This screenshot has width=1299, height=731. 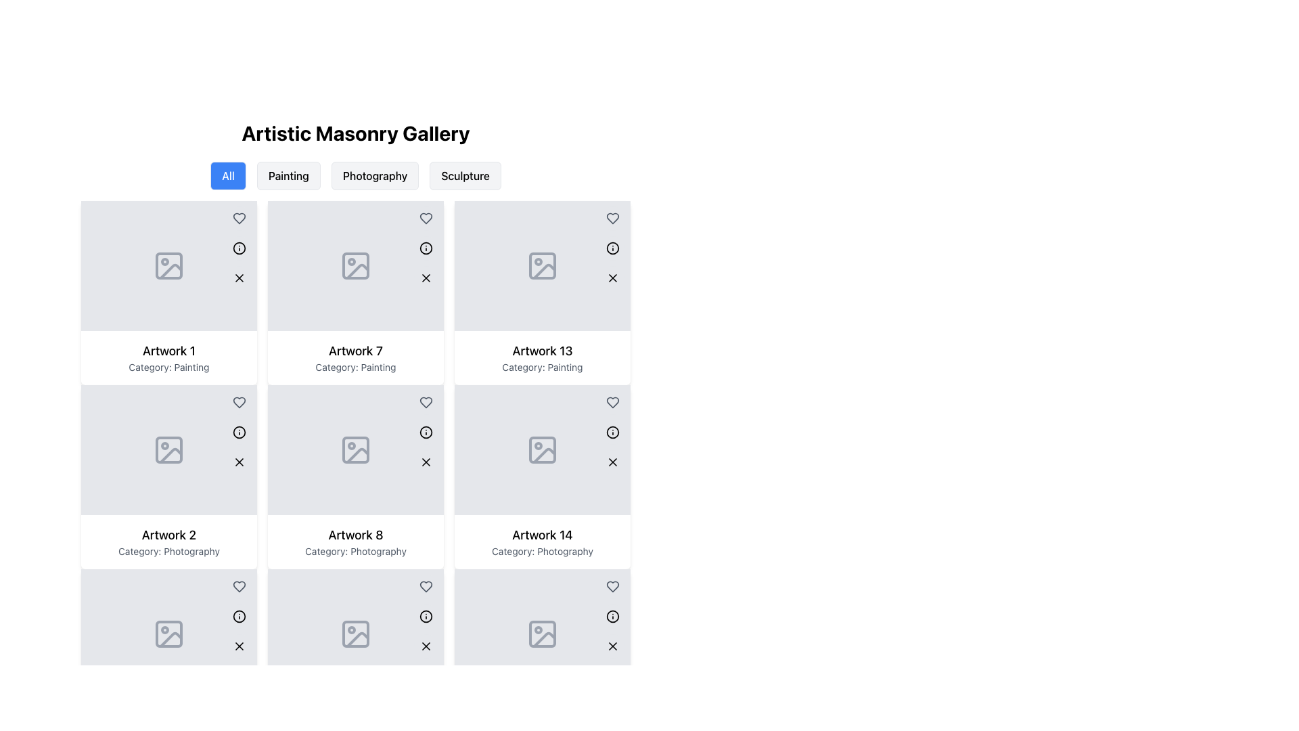 What do you see at coordinates (542, 368) in the screenshot?
I see `the text label that indicates the category of the artwork displayed in the card, which reads 'Painting', located at the bottom-right of the card for 'Artwork 13'` at bounding box center [542, 368].